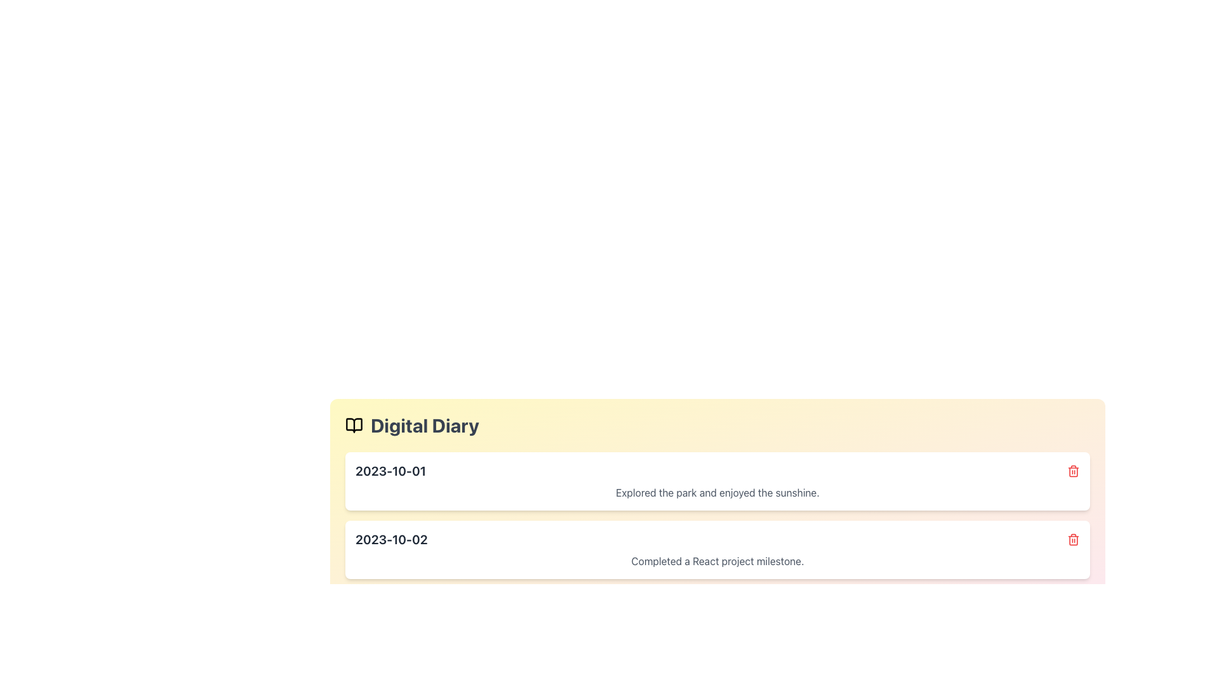  Describe the element at coordinates (1072, 540) in the screenshot. I see `the trash/delete icon located at the top right corner of the second diary entry row` at that location.